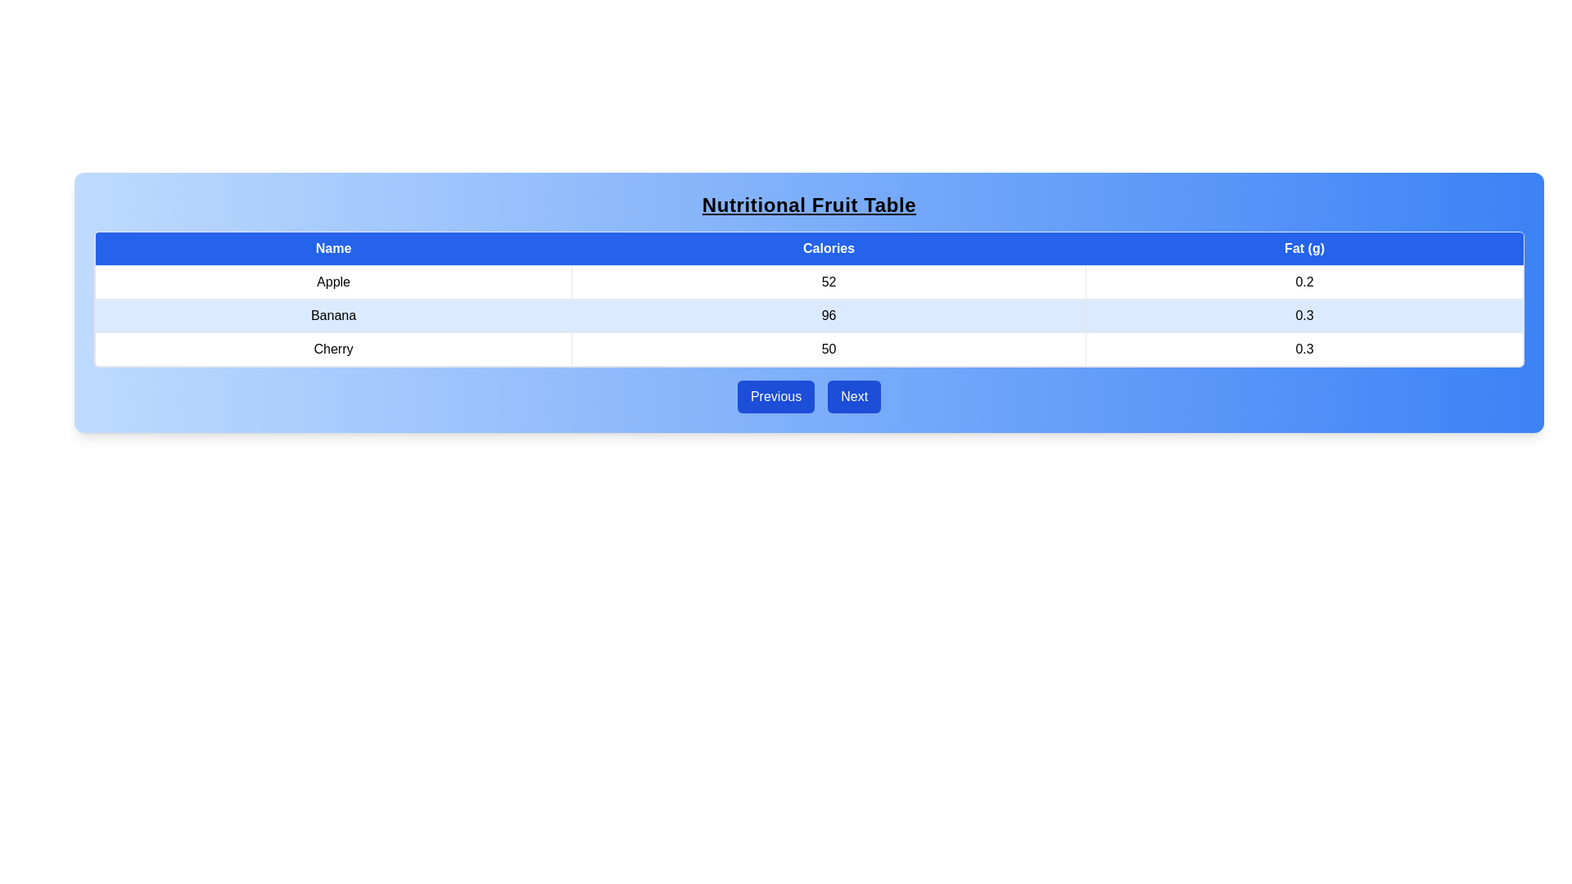  I want to click on the table cell displaying the name 'Banana' to focus on it, so click(332, 315).